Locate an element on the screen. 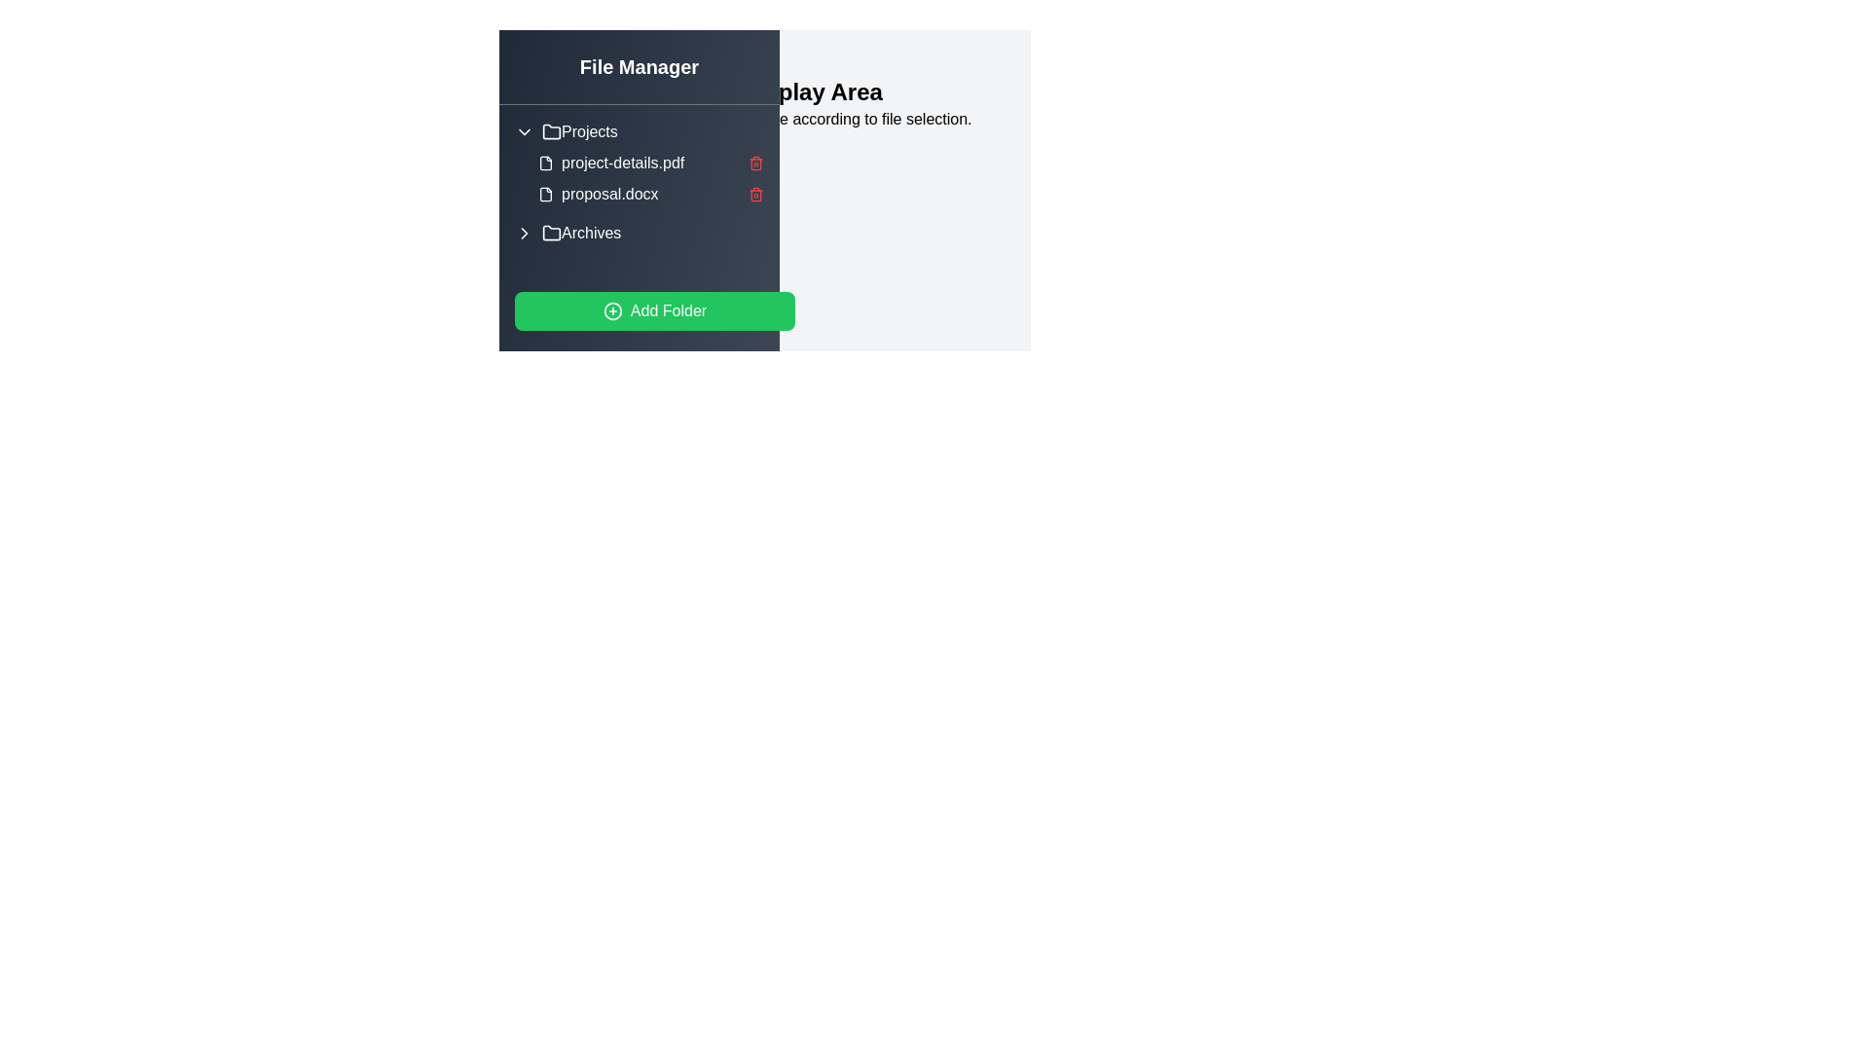 This screenshot has width=1869, height=1051. the trash icon button on the rightmost side of the row is located at coordinates (755, 163).